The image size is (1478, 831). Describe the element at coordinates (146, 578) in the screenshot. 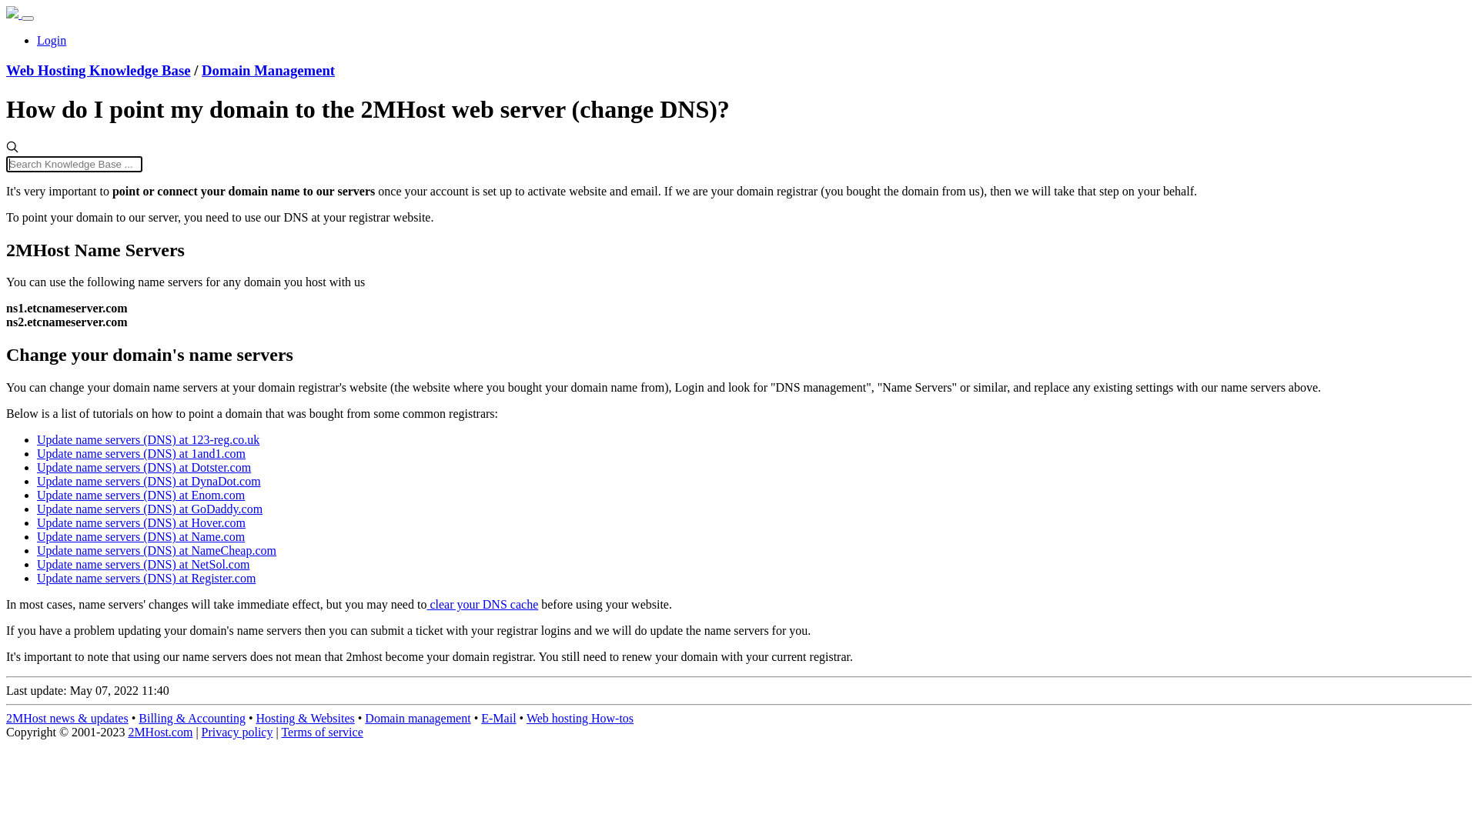

I see `'Update name servers (DNS) at Register.com'` at that location.